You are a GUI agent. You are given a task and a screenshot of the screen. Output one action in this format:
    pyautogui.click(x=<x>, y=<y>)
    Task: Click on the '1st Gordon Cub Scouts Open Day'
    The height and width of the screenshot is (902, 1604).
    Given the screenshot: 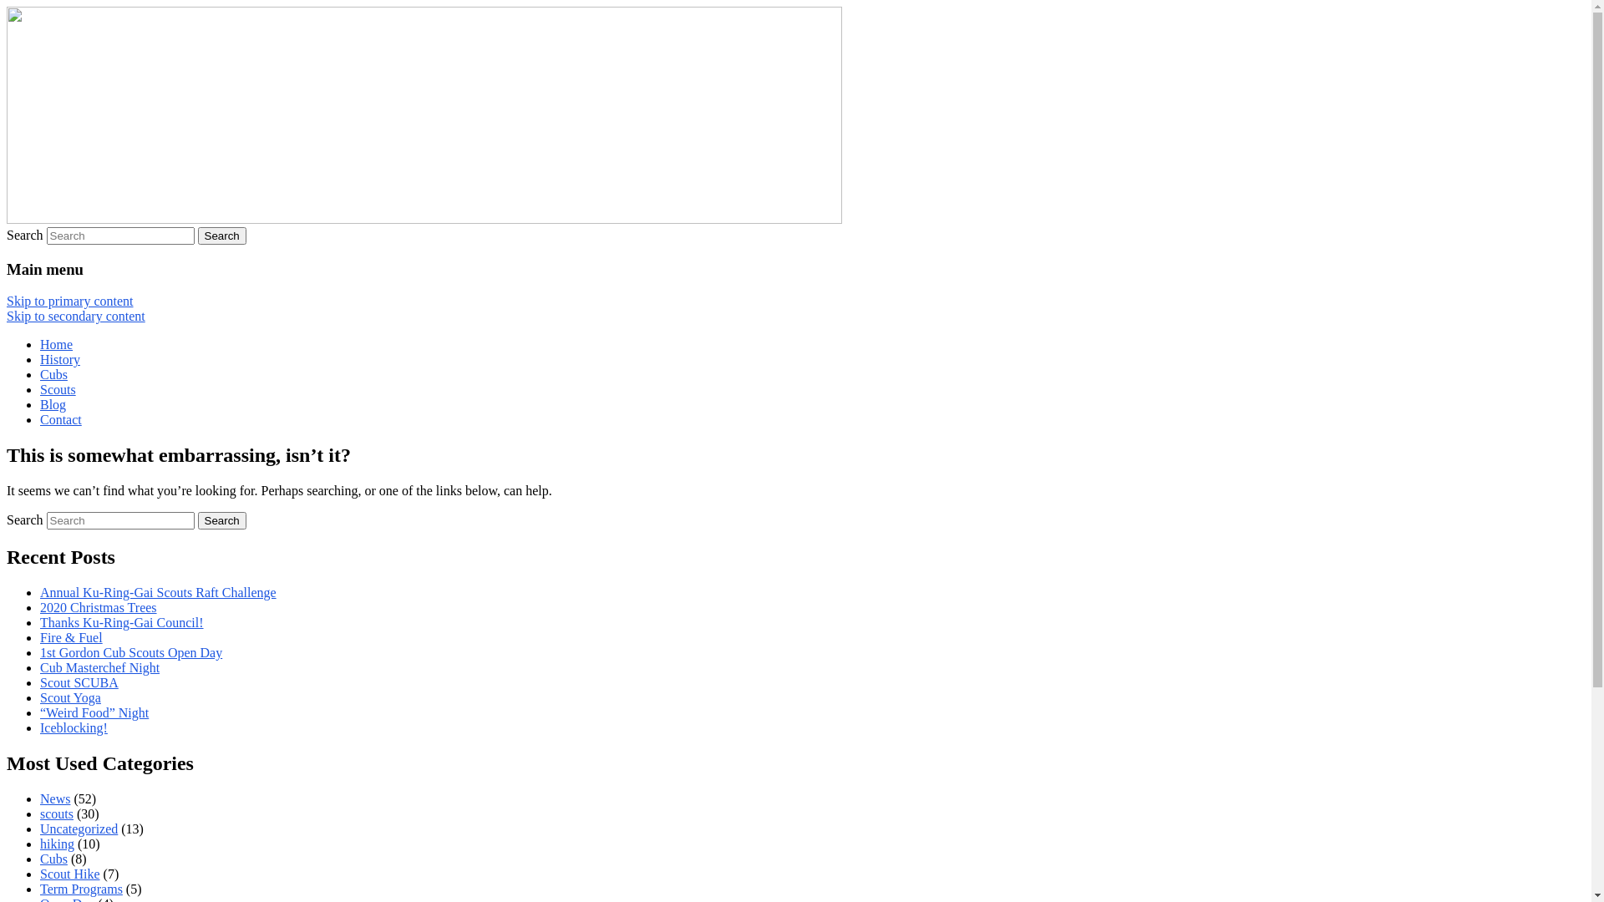 What is the action you would take?
    pyautogui.click(x=130, y=651)
    